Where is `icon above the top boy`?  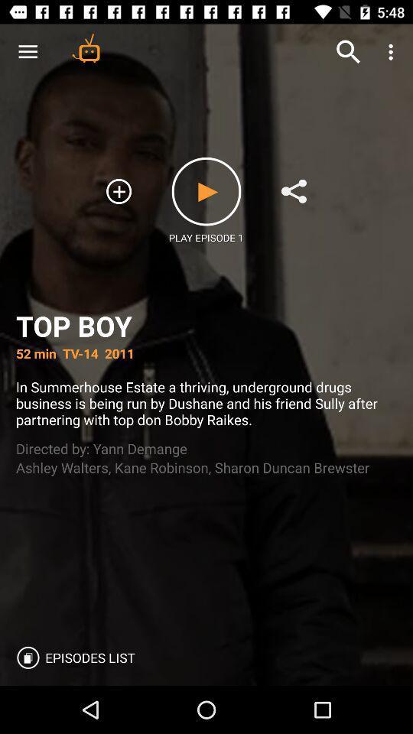
icon above the top boy is located at coordinates (28, 52).